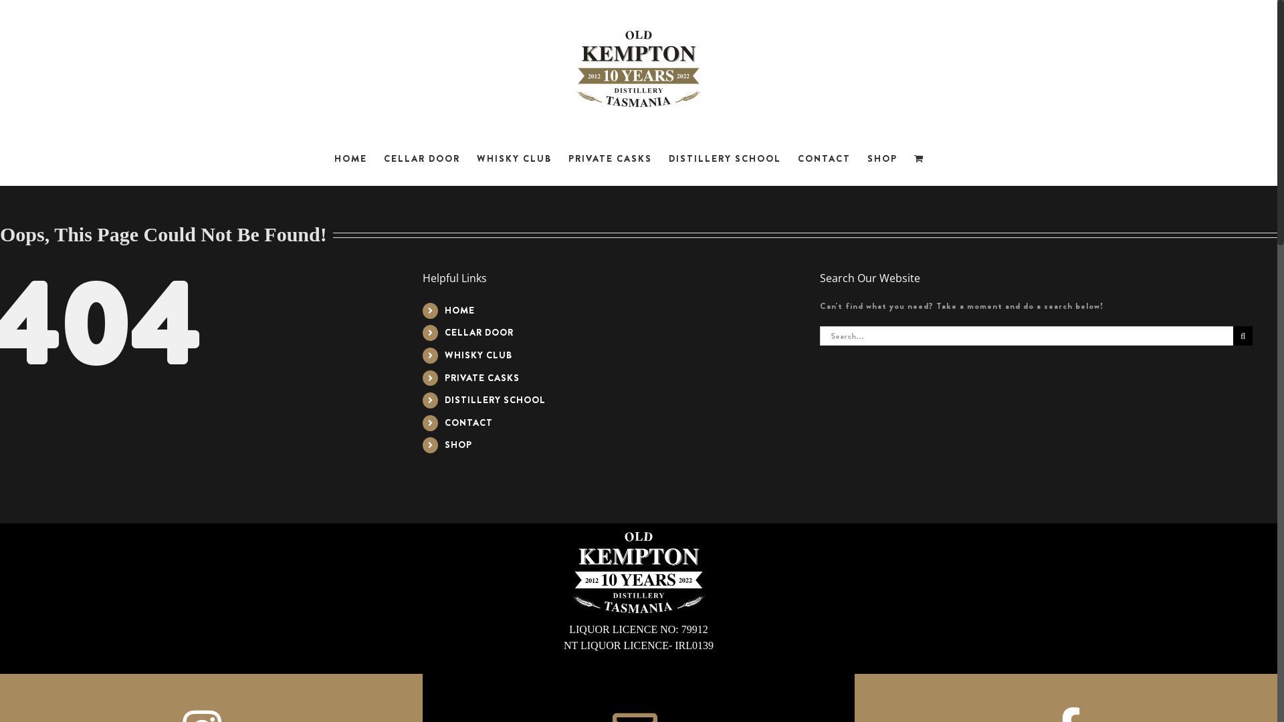 Image resolution: width=1284 pixels, height=722 pixels. I want to click on 'PRIVATE CASKS', so click(609, 157).